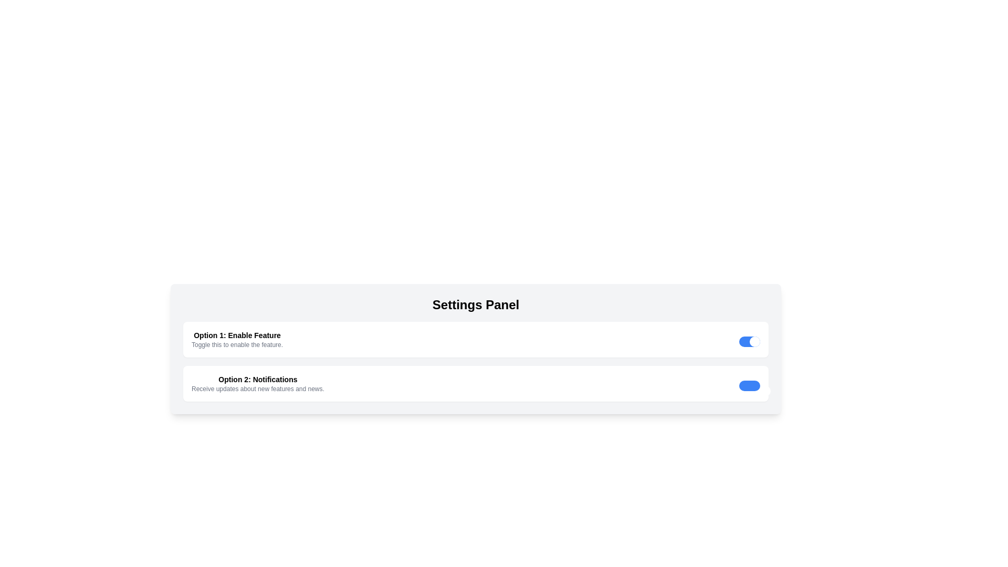  What do you see at coordinates (749, 386) in the screenshot?
I see `the toggle switch styled as a rounded rectangle with a blue background, located within the 'Option 2: Notifications' section of the settings panel` at bounding box center [749, 386].